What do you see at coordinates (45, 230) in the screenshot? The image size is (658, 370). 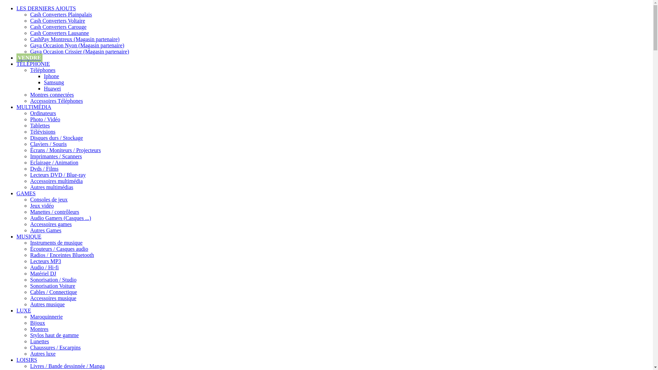 I see `'Autres Games'` at bounding box center [45, 230].